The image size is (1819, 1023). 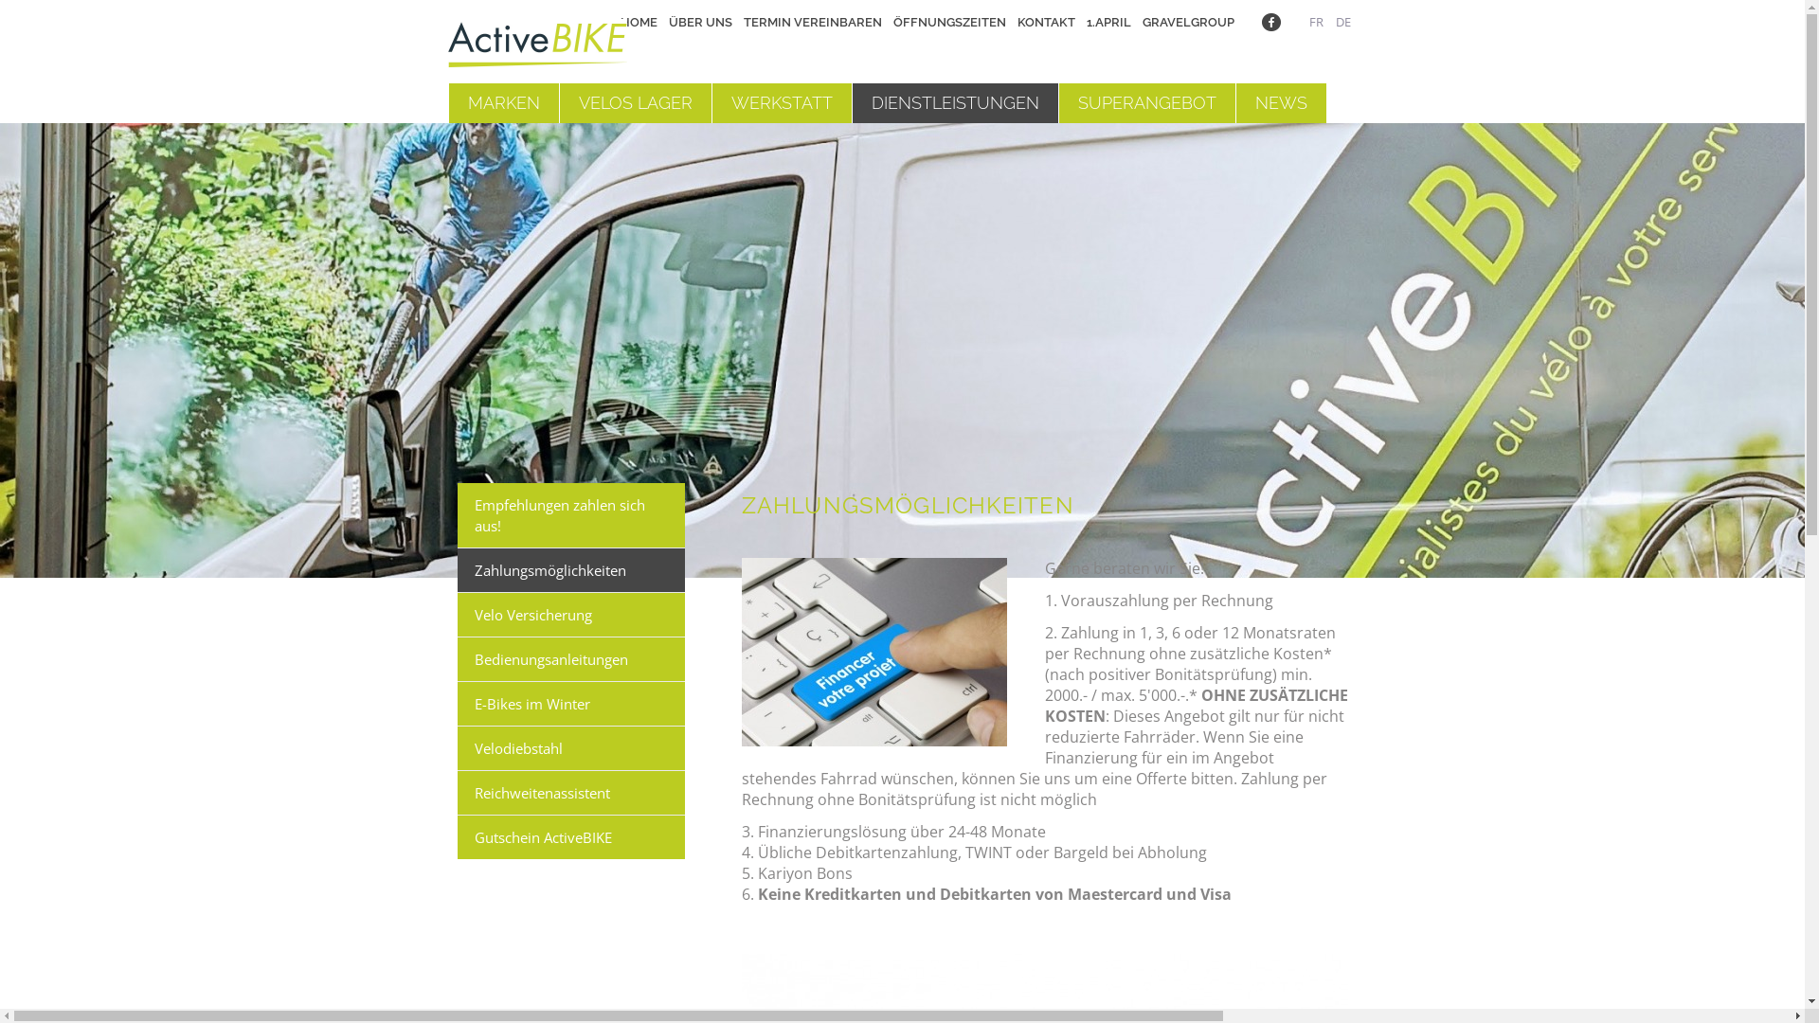 What do you see at coordinates (1335, 22) in the screenshot?
I see `'DE'` at bounding box center [1335, 22].